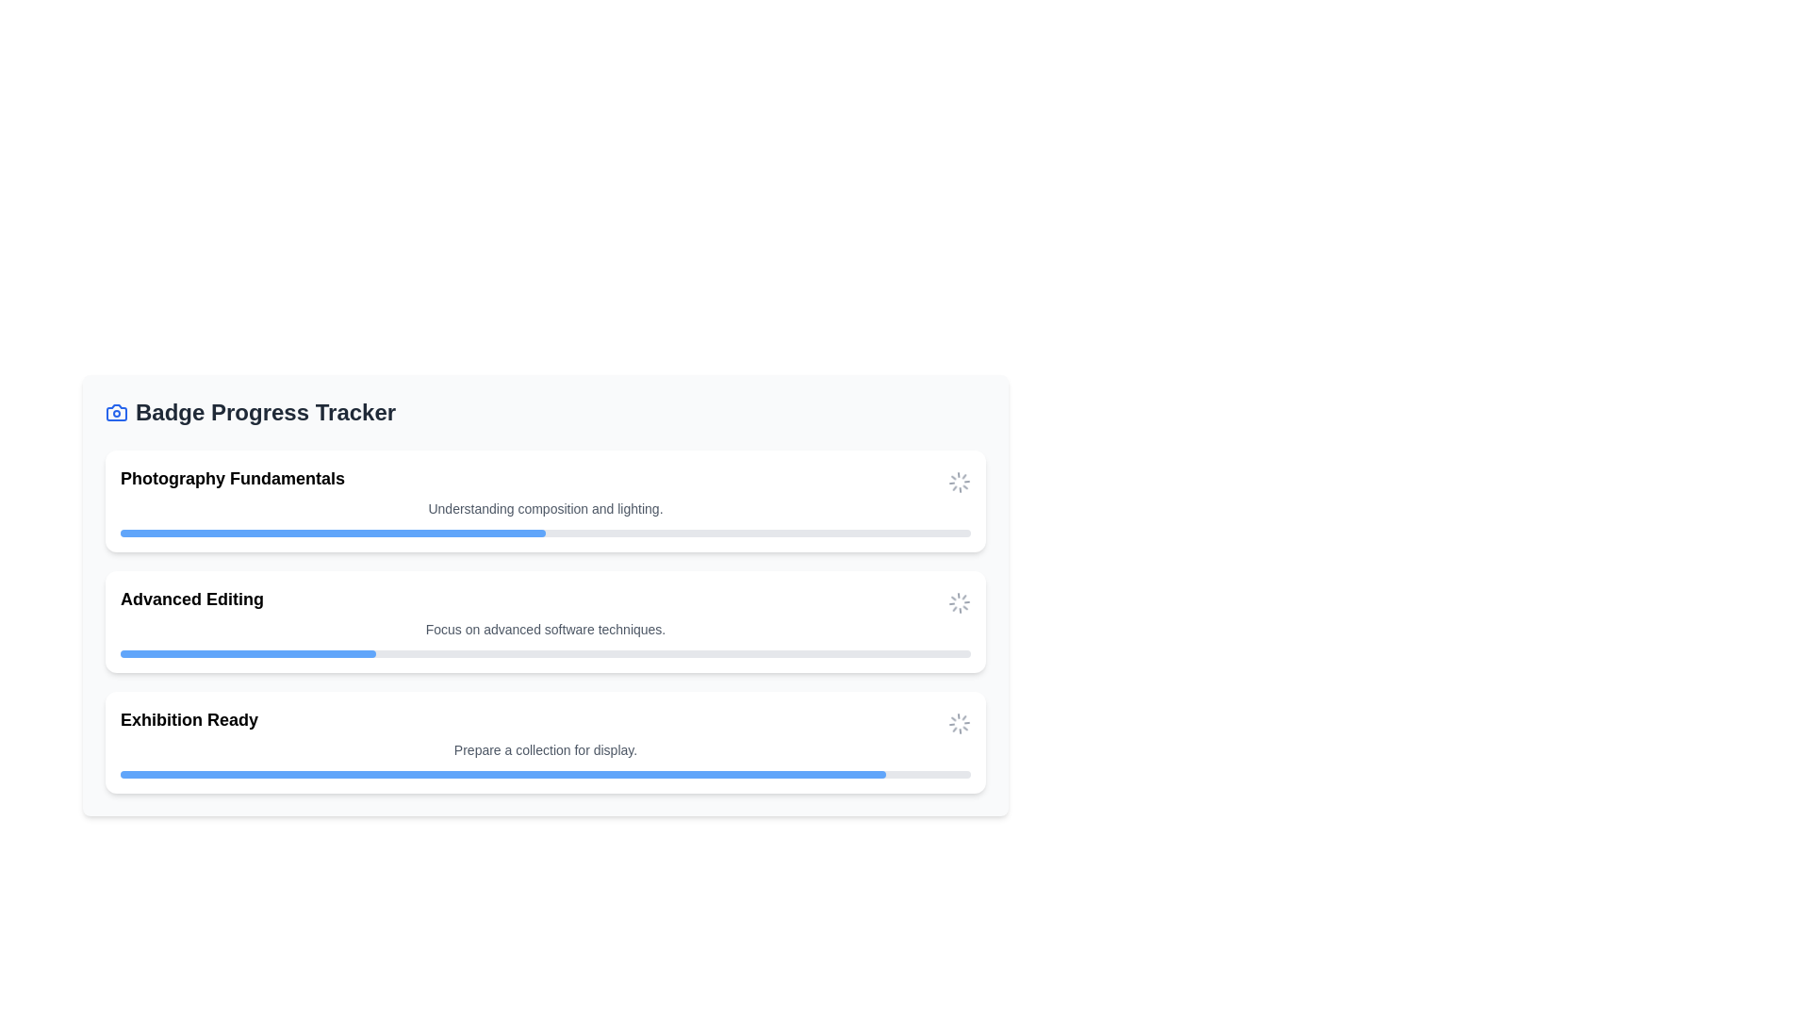 Image resolution: width=1810 pixels, height=1018 pixels. I want to click on the Informational card titled 'Advanced Editing' with a progress bar, located in the 'Badge Progress Tracker' section, positioned below 'Photography Fundamentals' and above 'Exhibition Ready', so click(545, 621).